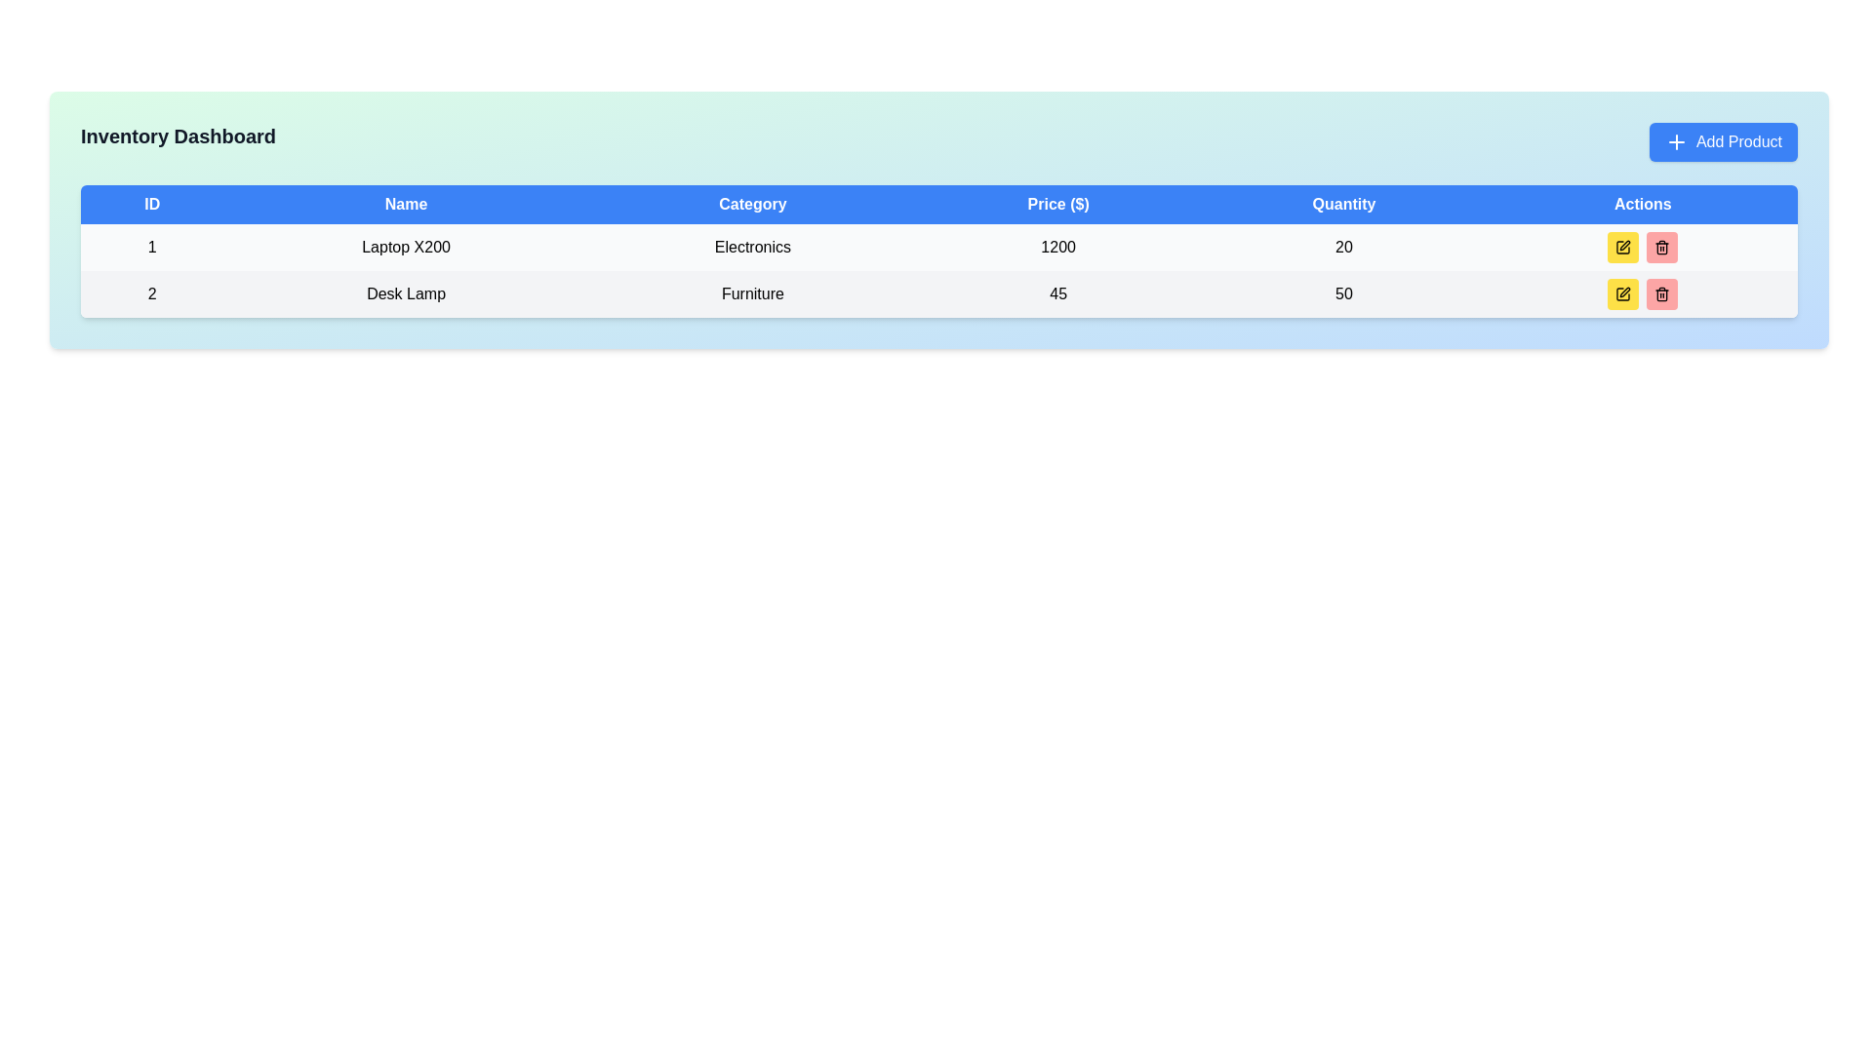 This screenshot has height=1053, width=1873. I want to click on the text label displaying '45' in the 'Quantity' column of the second row for the 'Desk Lamp' entry, so click(1057, 293).